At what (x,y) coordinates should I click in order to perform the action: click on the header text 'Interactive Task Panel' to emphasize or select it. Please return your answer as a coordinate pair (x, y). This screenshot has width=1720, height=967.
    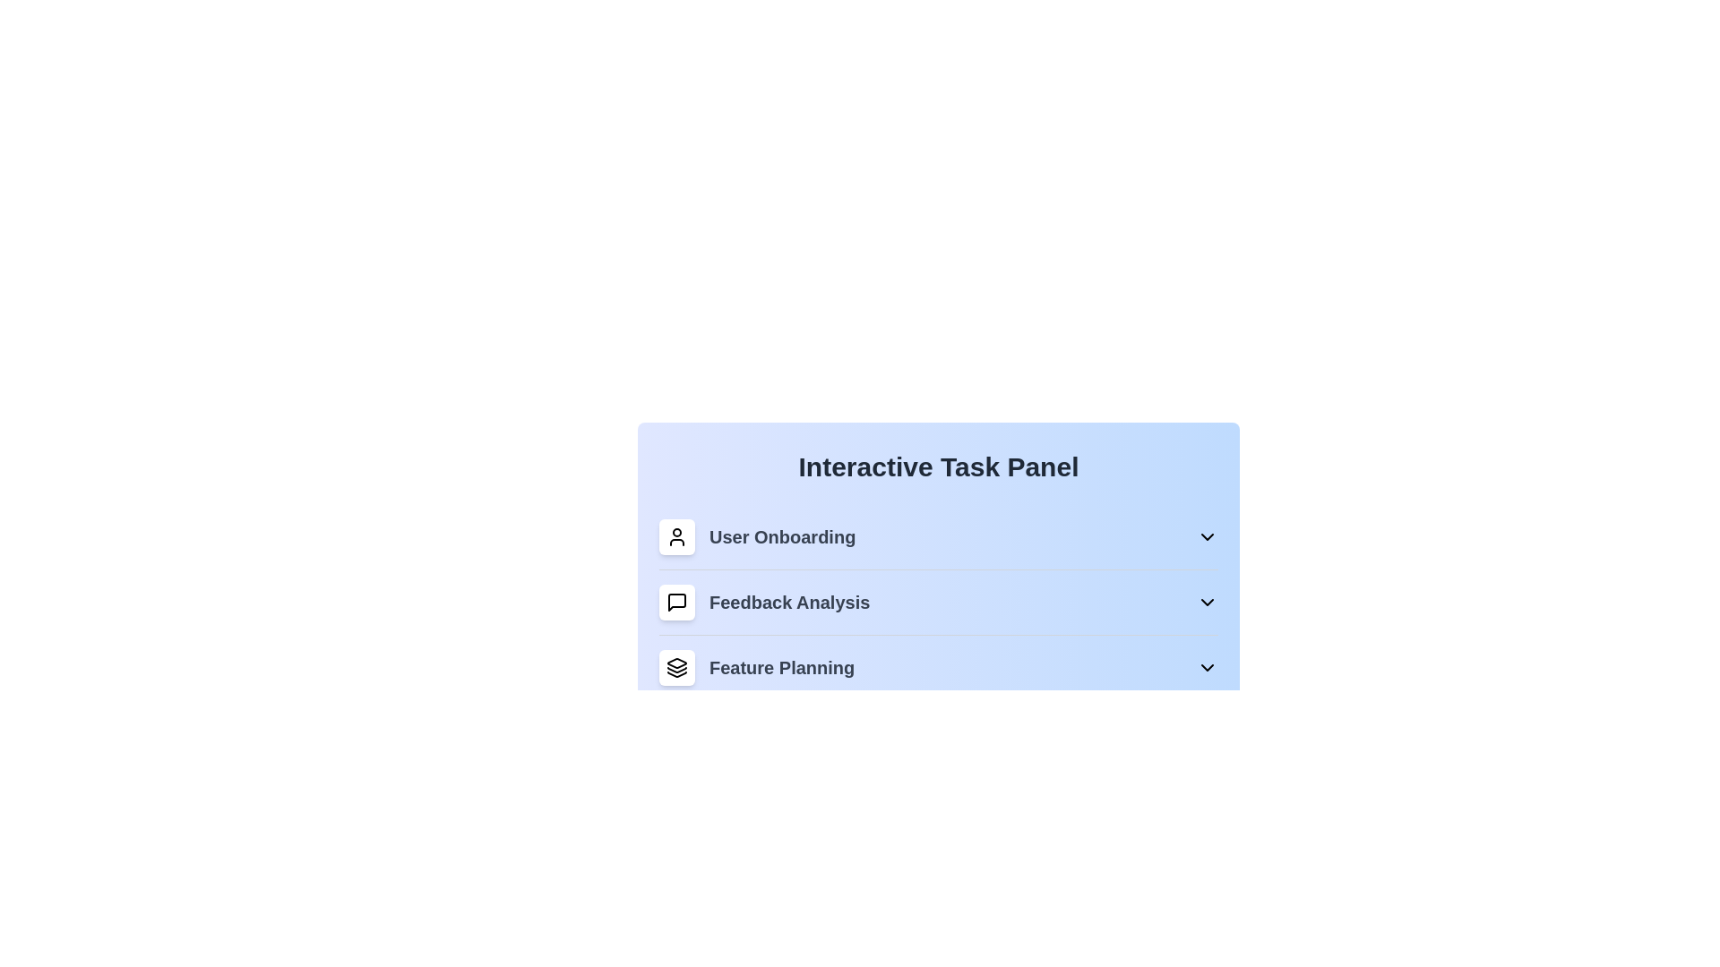
    Looking at the image, I should click on (937, 466).